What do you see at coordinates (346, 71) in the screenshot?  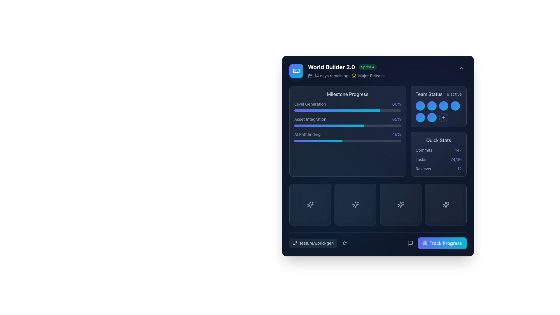 I see `the composite UI element labeled 'World Builder 2.0' with the green badge 'Sprint 4' and the note '14 days remaining Major Release' for focus` at bounding box center [346, 71].